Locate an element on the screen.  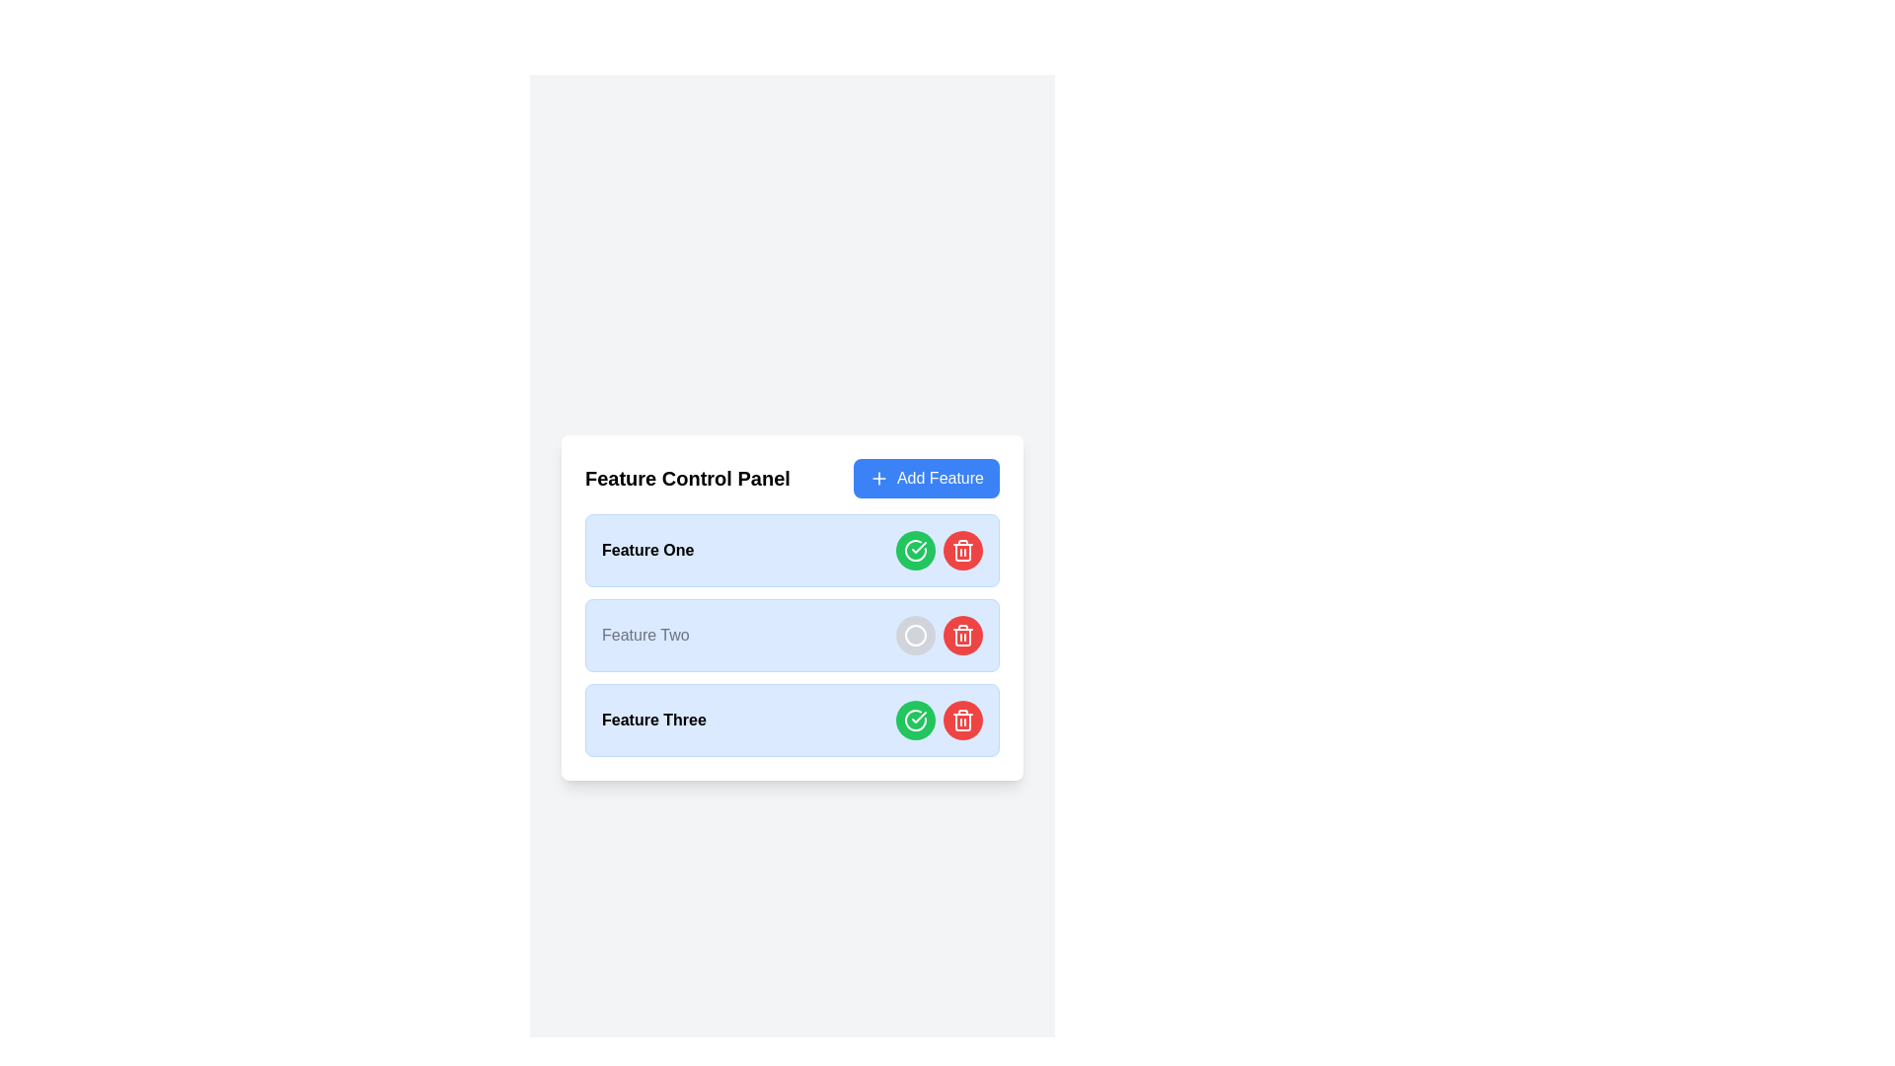
the List item with action buttons labeled 'Feature Three' to trigger tooltip or visual effects is located at coordinates (792, 720).